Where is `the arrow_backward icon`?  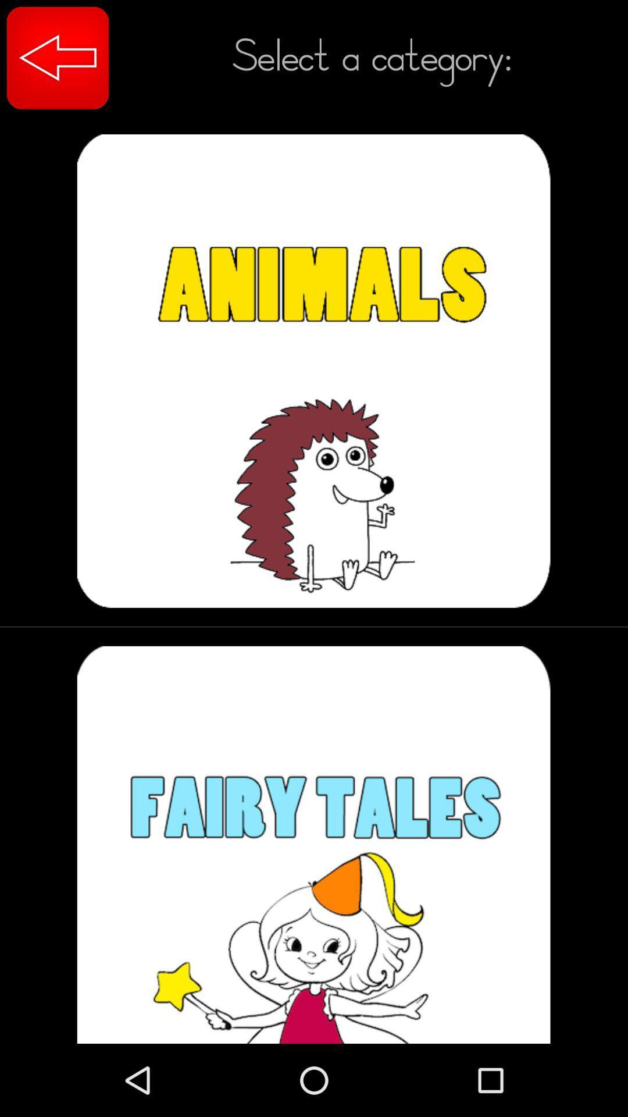 the arrow_backward icon is located at coordinates (58, 57).